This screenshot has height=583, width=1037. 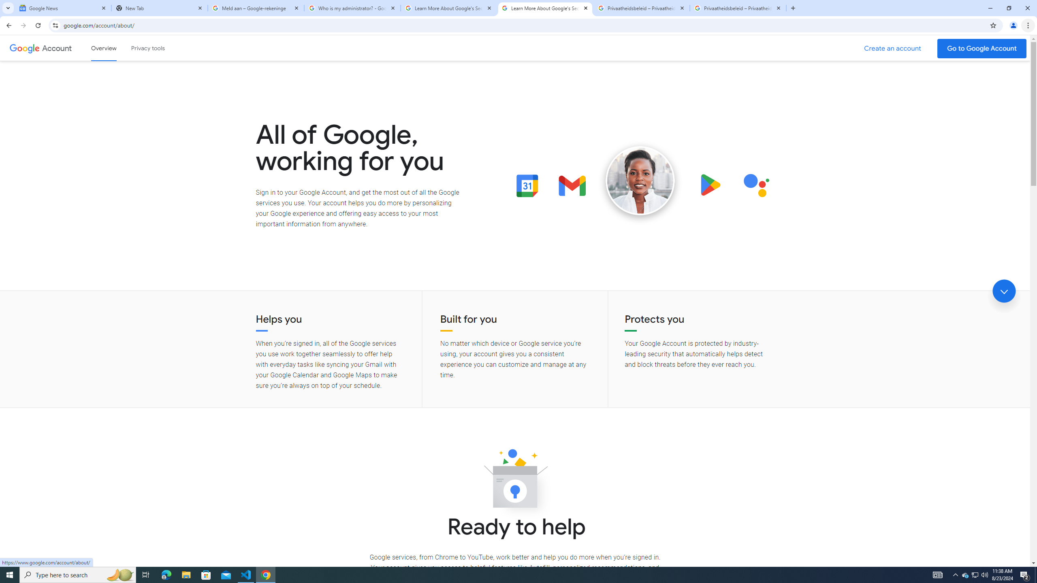 I want to click on 'Who is my administrator? - Google Account Help', so click(x=352, y=8).